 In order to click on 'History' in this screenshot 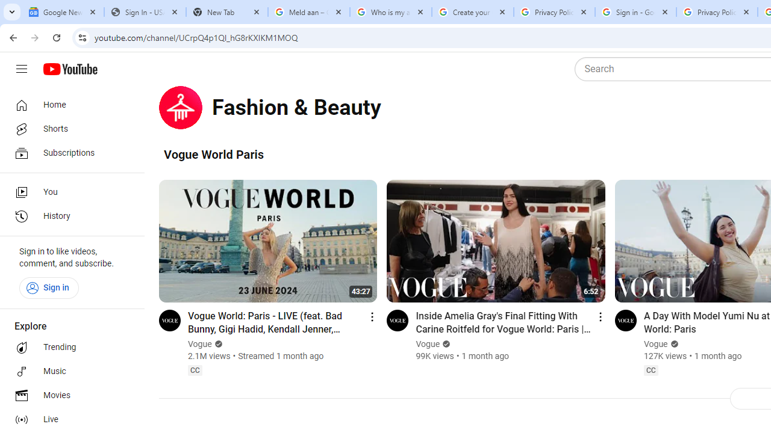, I will do `click(67, 216)`.